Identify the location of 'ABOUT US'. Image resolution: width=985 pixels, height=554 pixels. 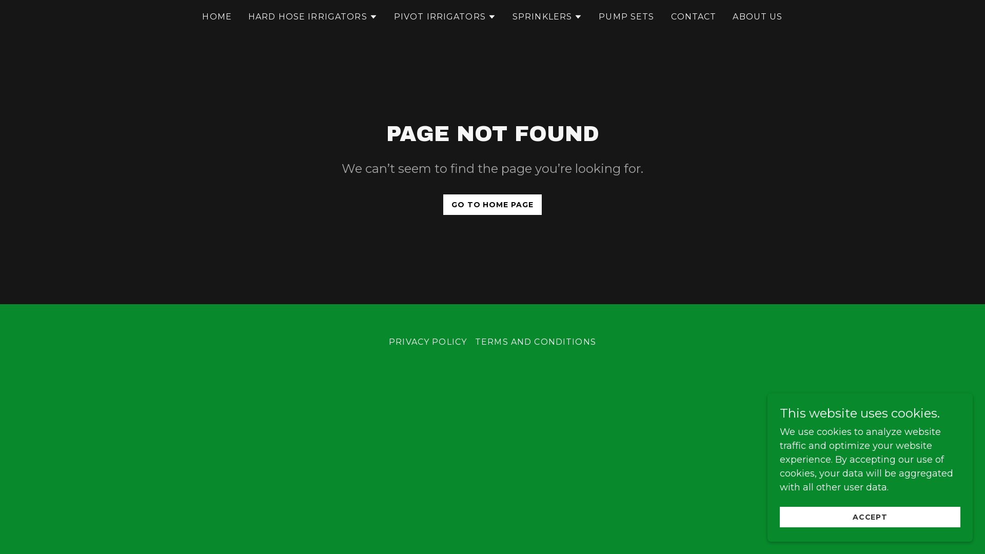
(757, 17).